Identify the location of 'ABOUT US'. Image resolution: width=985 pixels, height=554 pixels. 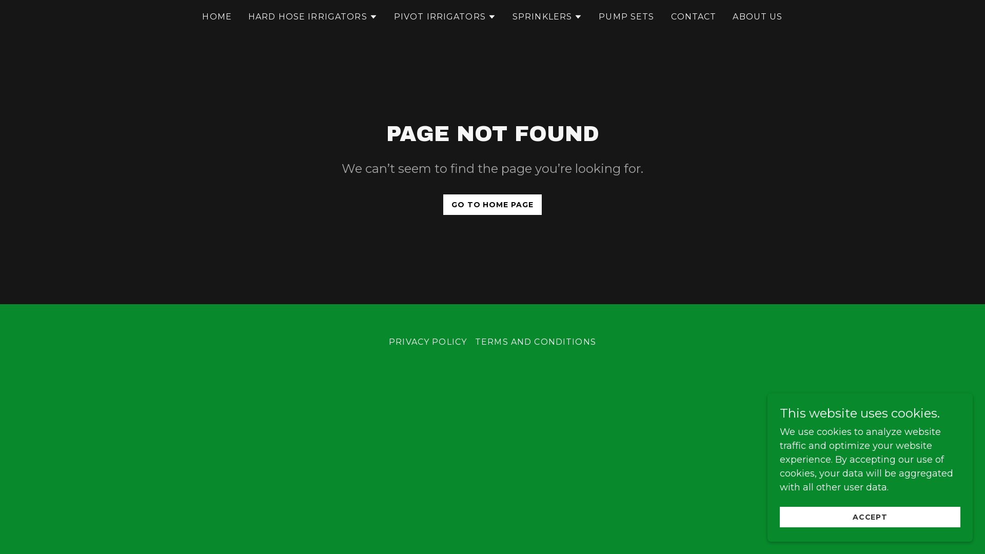
(757, 17).